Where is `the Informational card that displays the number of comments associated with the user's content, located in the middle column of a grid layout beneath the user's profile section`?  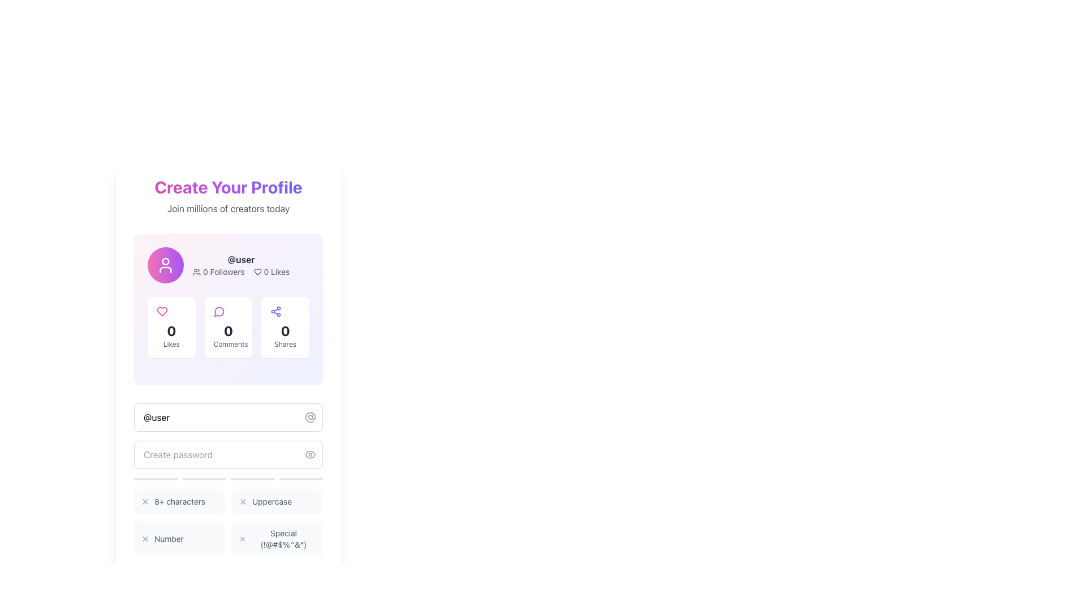
the Informational card that displays the number of comments associated with the user's content, located in the middle column of a grid layout beneath the user's profile section is located at coordinates (227, 327).